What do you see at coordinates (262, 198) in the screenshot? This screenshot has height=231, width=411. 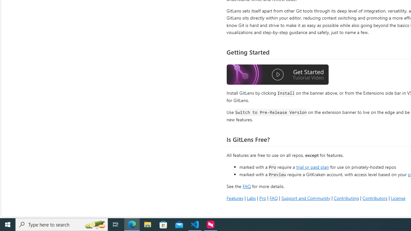 I see `'Pro'` at bounding box center [262, 198].